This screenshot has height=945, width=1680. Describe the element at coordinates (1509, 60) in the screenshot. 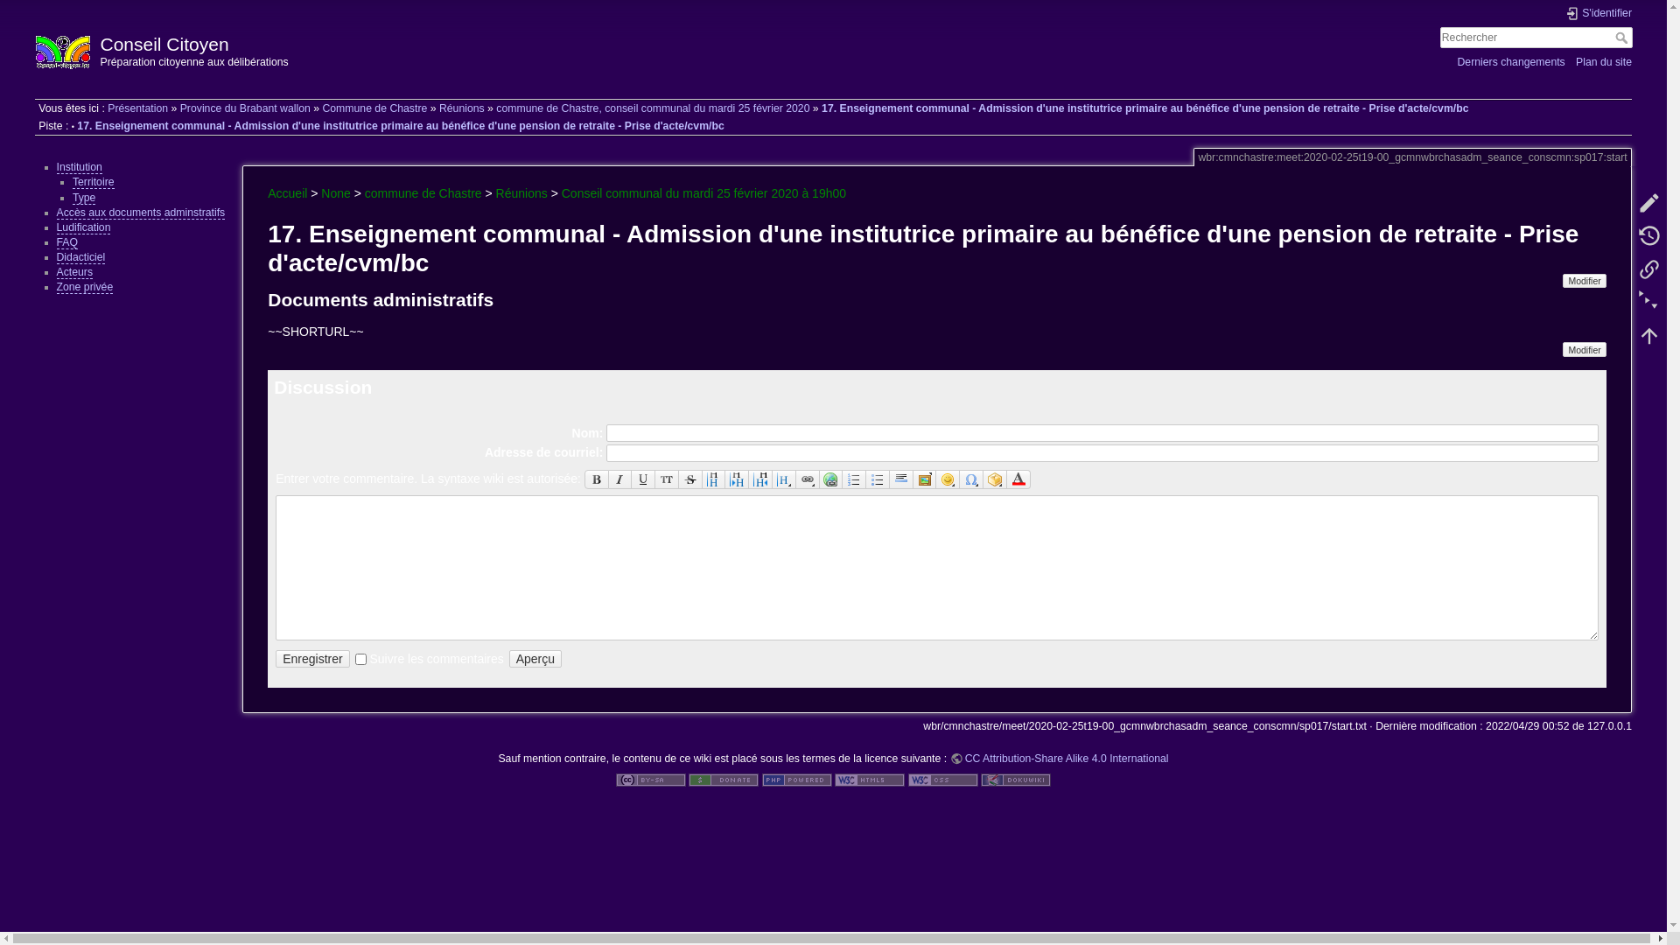

I see `'Derniers changements'` at that location.